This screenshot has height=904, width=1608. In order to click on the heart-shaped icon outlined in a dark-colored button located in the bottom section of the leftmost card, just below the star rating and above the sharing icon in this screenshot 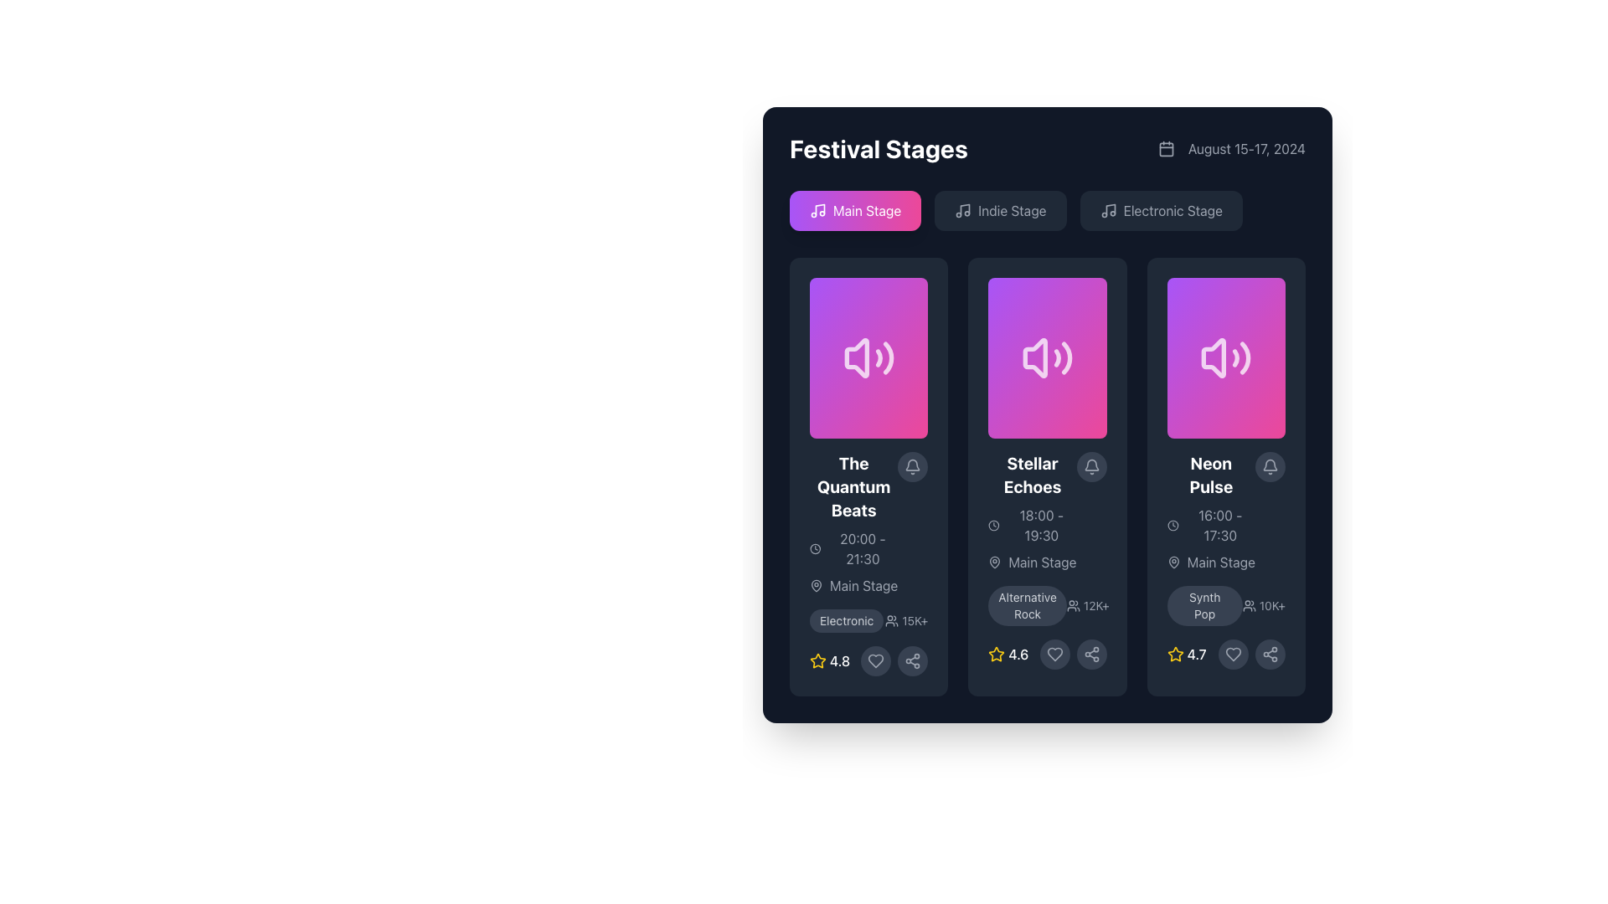, I will do `click(875, 660)`.